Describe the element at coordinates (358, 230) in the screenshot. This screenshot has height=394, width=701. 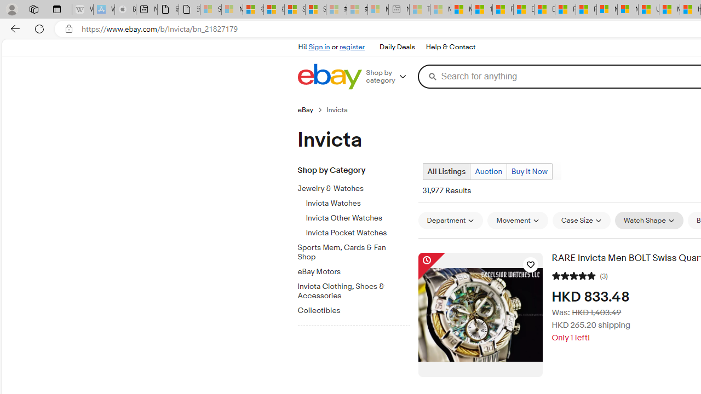
I see `'Invicta Pocket Watches'` at that location.